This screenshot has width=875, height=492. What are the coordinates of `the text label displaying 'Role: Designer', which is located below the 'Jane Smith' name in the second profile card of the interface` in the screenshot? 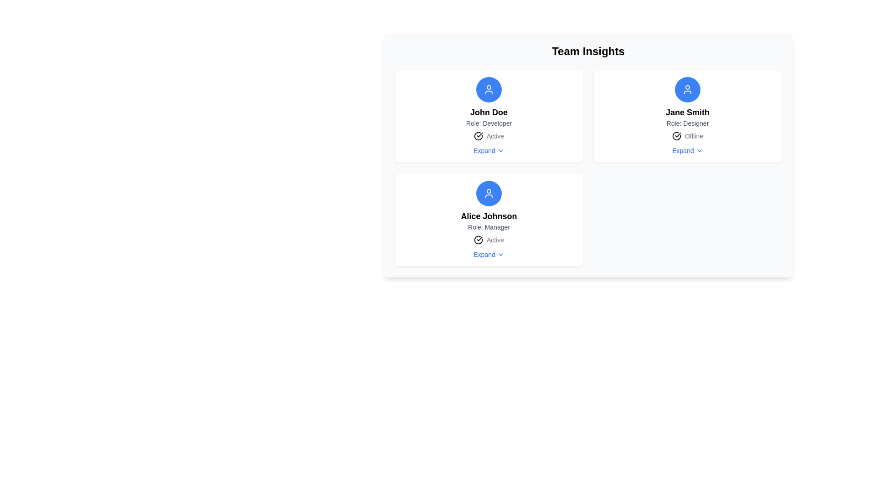 It's located at (687, 123).